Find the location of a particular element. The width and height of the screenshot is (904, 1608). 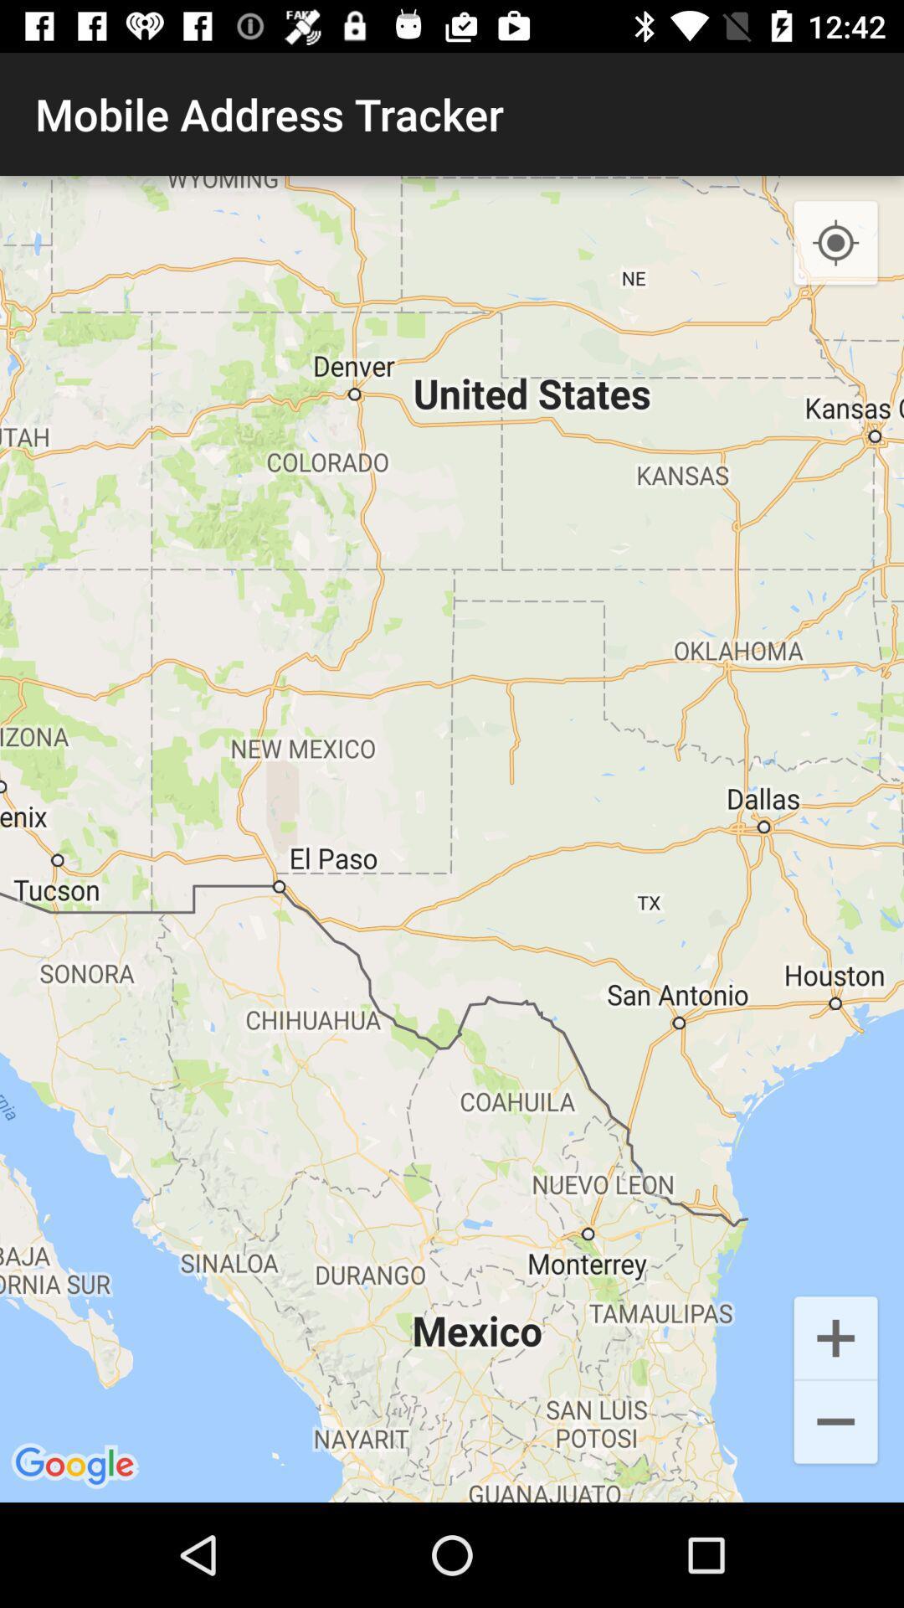

item at the top right corner is located at coordinates (835, 243).